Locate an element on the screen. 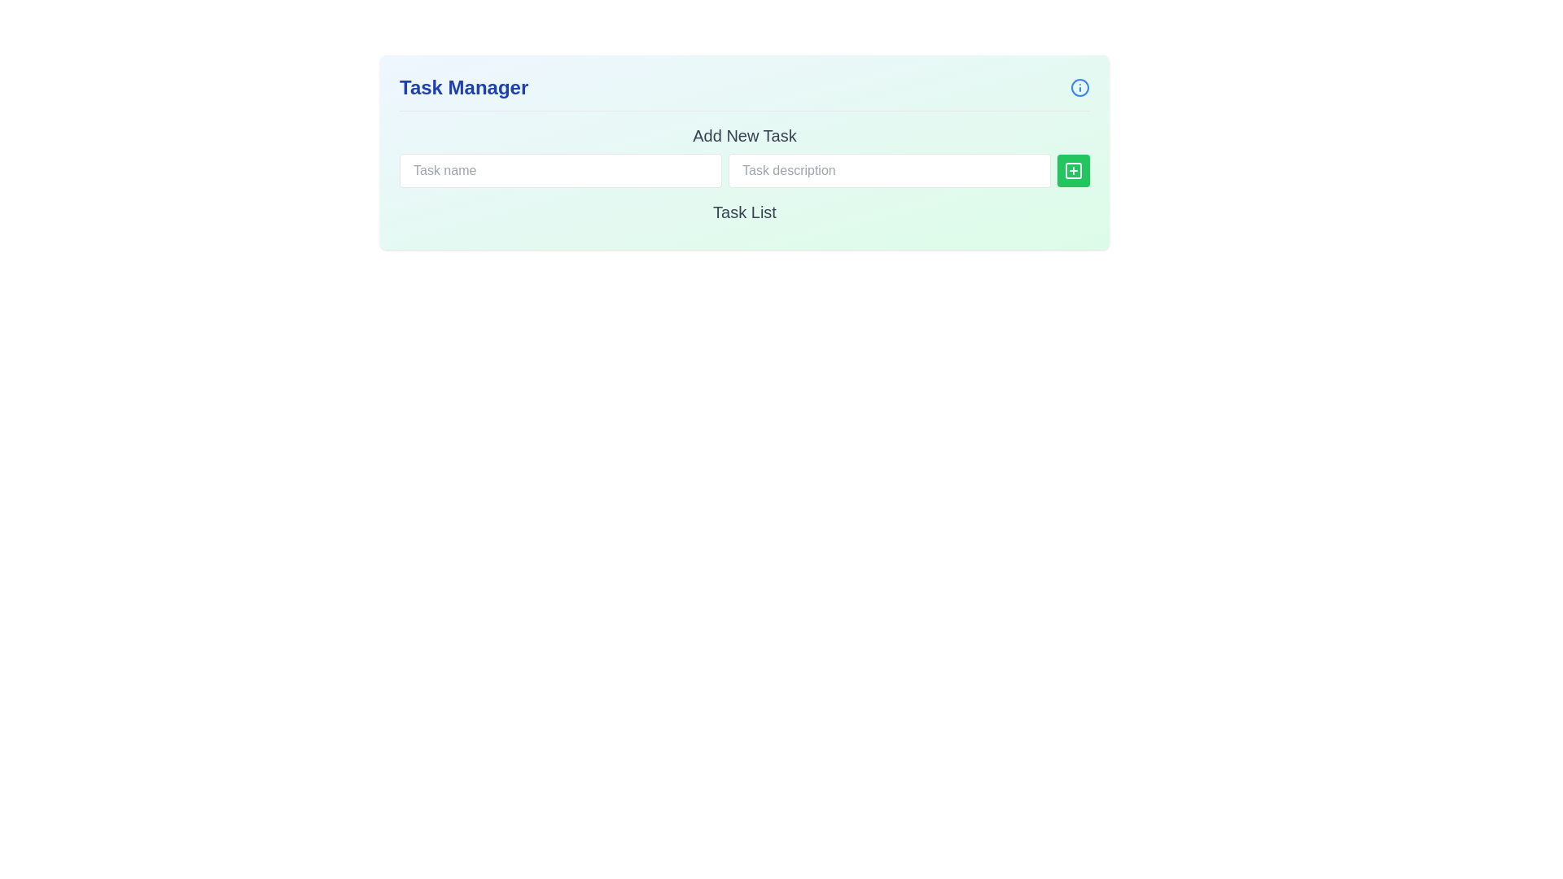  the '+' icon button enclosed within a rounded green square, located in the 'Add New Task' section is located at coordinates (1074, 170).